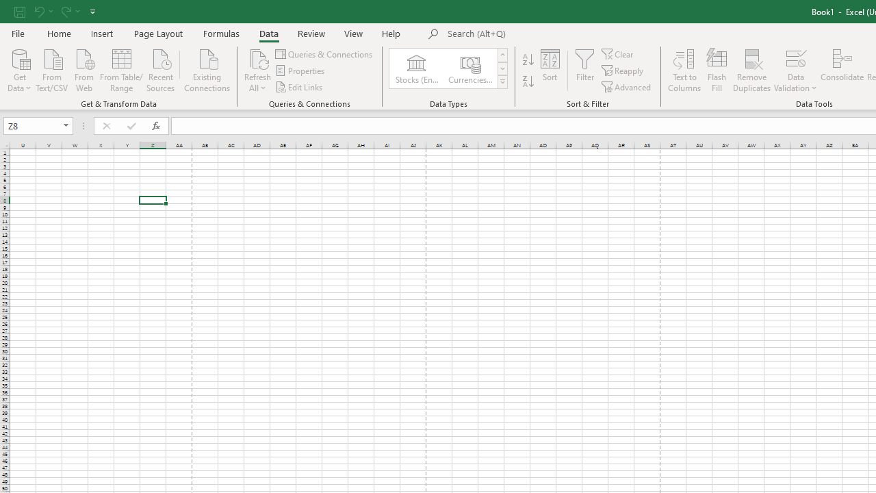 Image resolution: width=876 pixels, height=493 pixels. What do you see at coordinates (528, 81) in the screenshot?
I see `'Sort Z to A'` at bounding box center [528, 81].